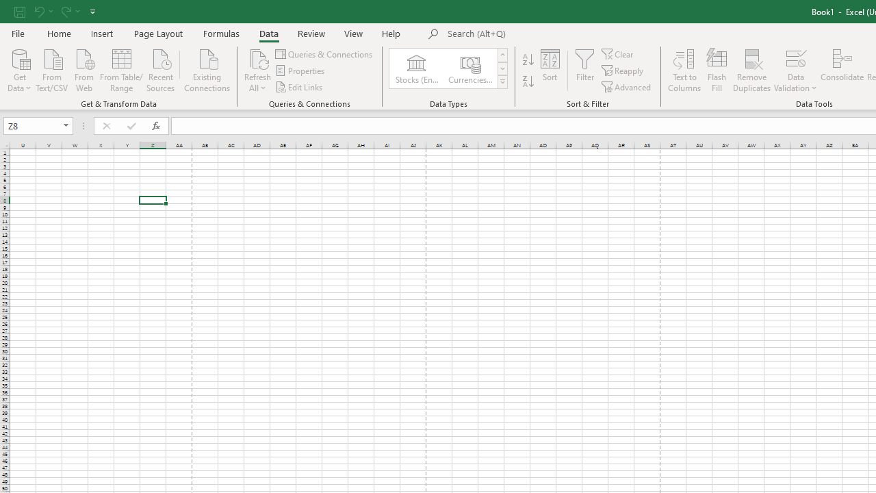 Image resolution: width=876 pixels, height=493 pixels. What do you see at coordinates (528, 81) in the screenshot?
I see `'Sort Z to A'` at bounding box center [528, 81].